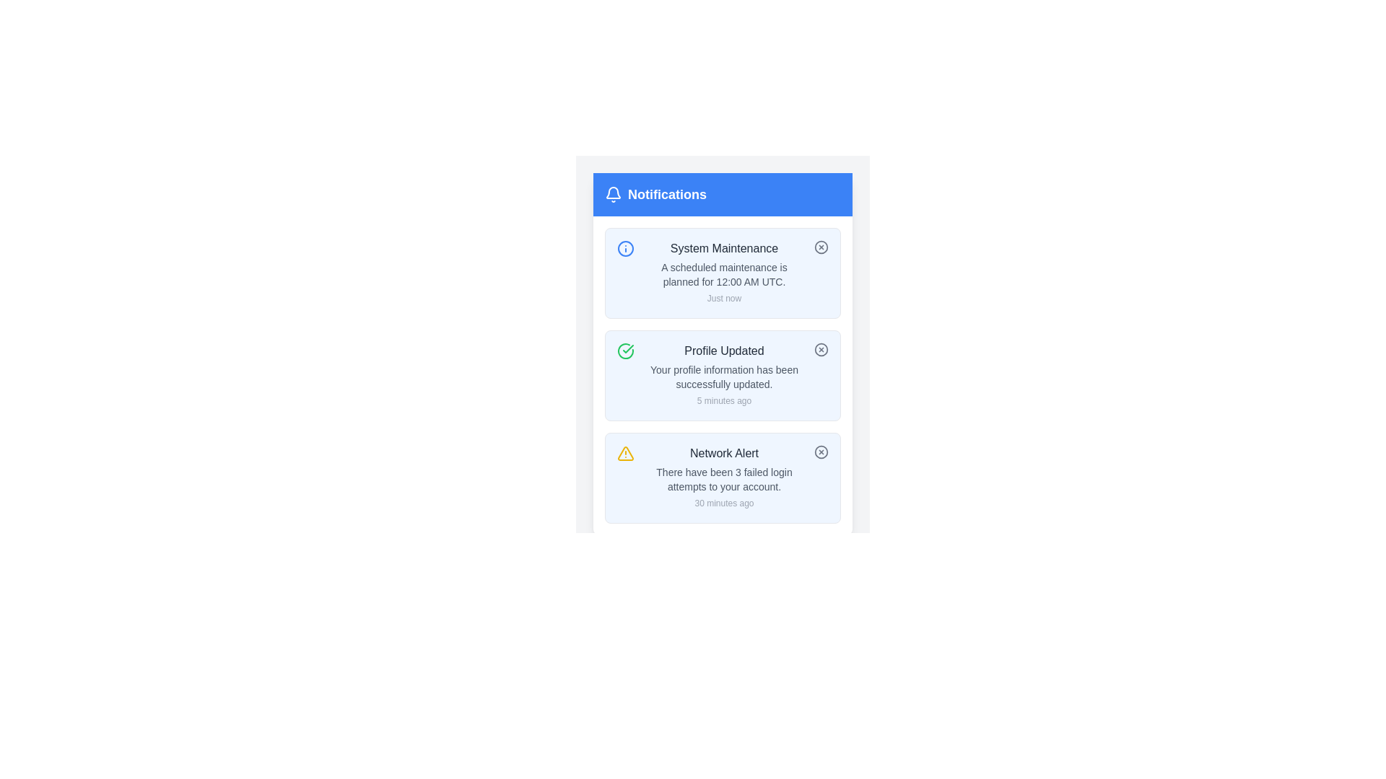 This screenshot has width=1386, height=779. I want to click on the header title text label that indicates notifications, located next to the bell icon, so click(666, 195).